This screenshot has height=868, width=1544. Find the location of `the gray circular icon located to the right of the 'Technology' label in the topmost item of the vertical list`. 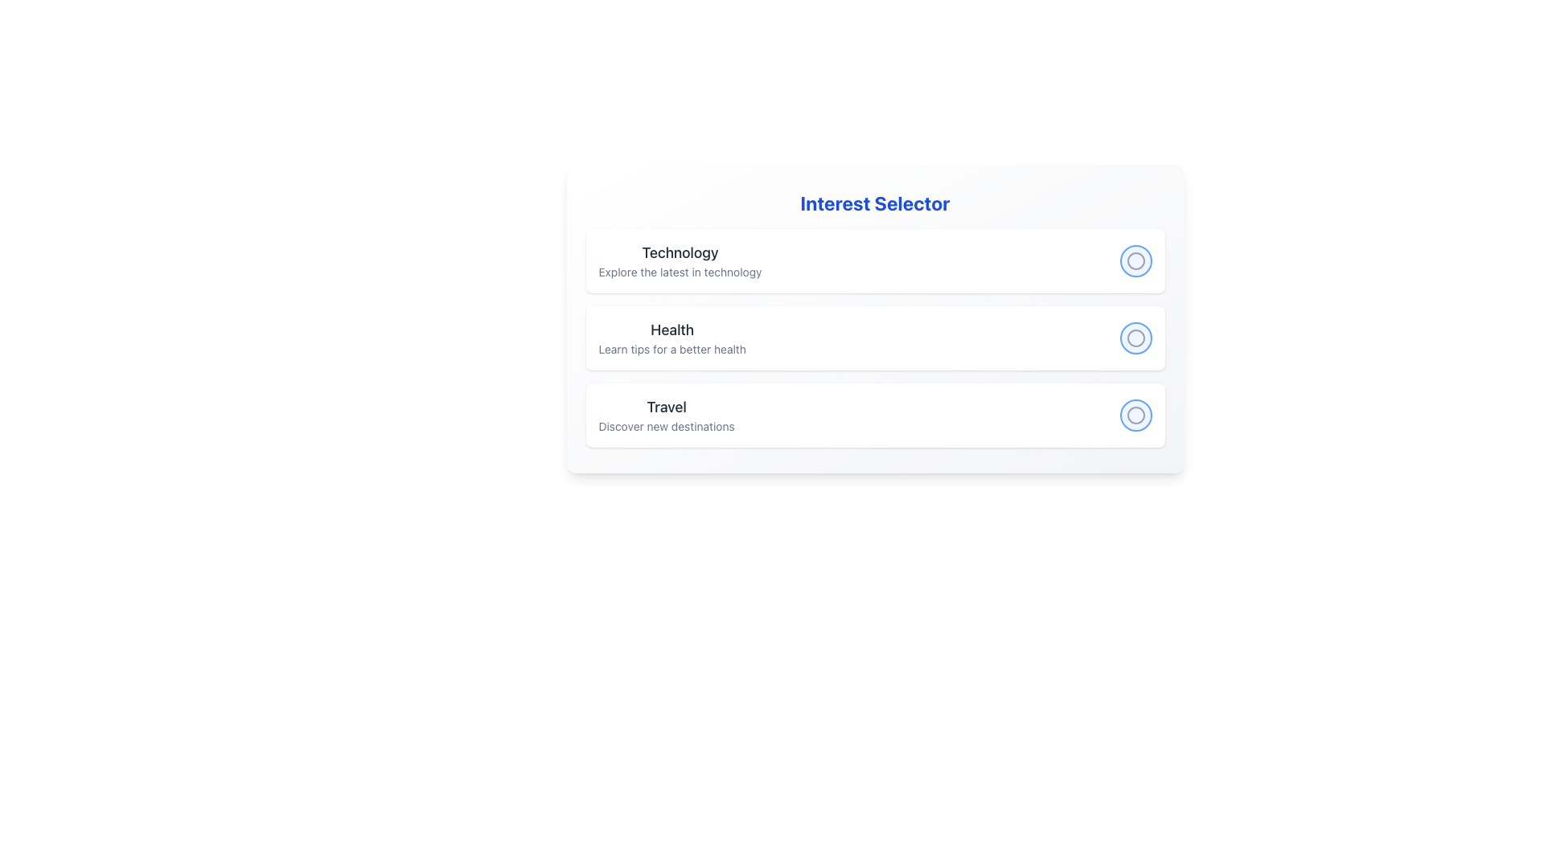

the gray circular icon located to the right of the 'Technology' label in the topmost item of the vertical list is located at coordinates (1135, 260).